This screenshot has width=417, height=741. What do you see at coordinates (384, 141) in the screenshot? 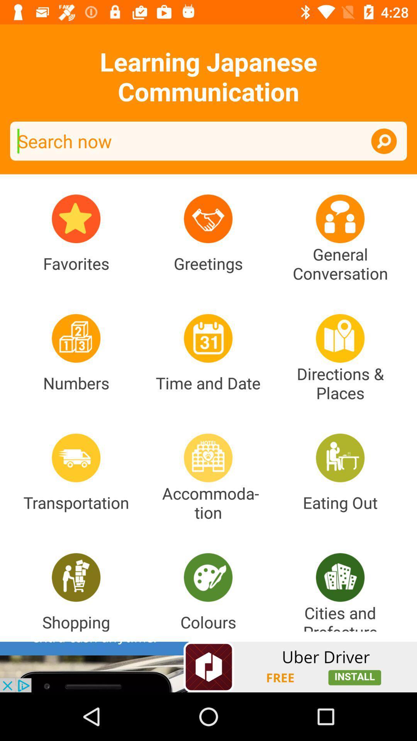
I see `activate the search` at bounding box center [384, 141].